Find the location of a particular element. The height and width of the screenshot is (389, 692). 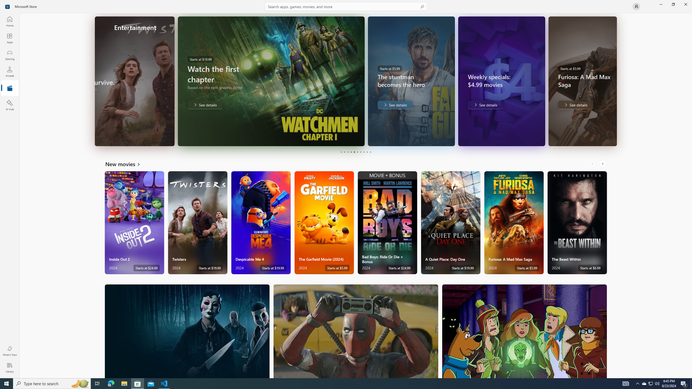

'Gaming' is located at coordinates (9, 55).